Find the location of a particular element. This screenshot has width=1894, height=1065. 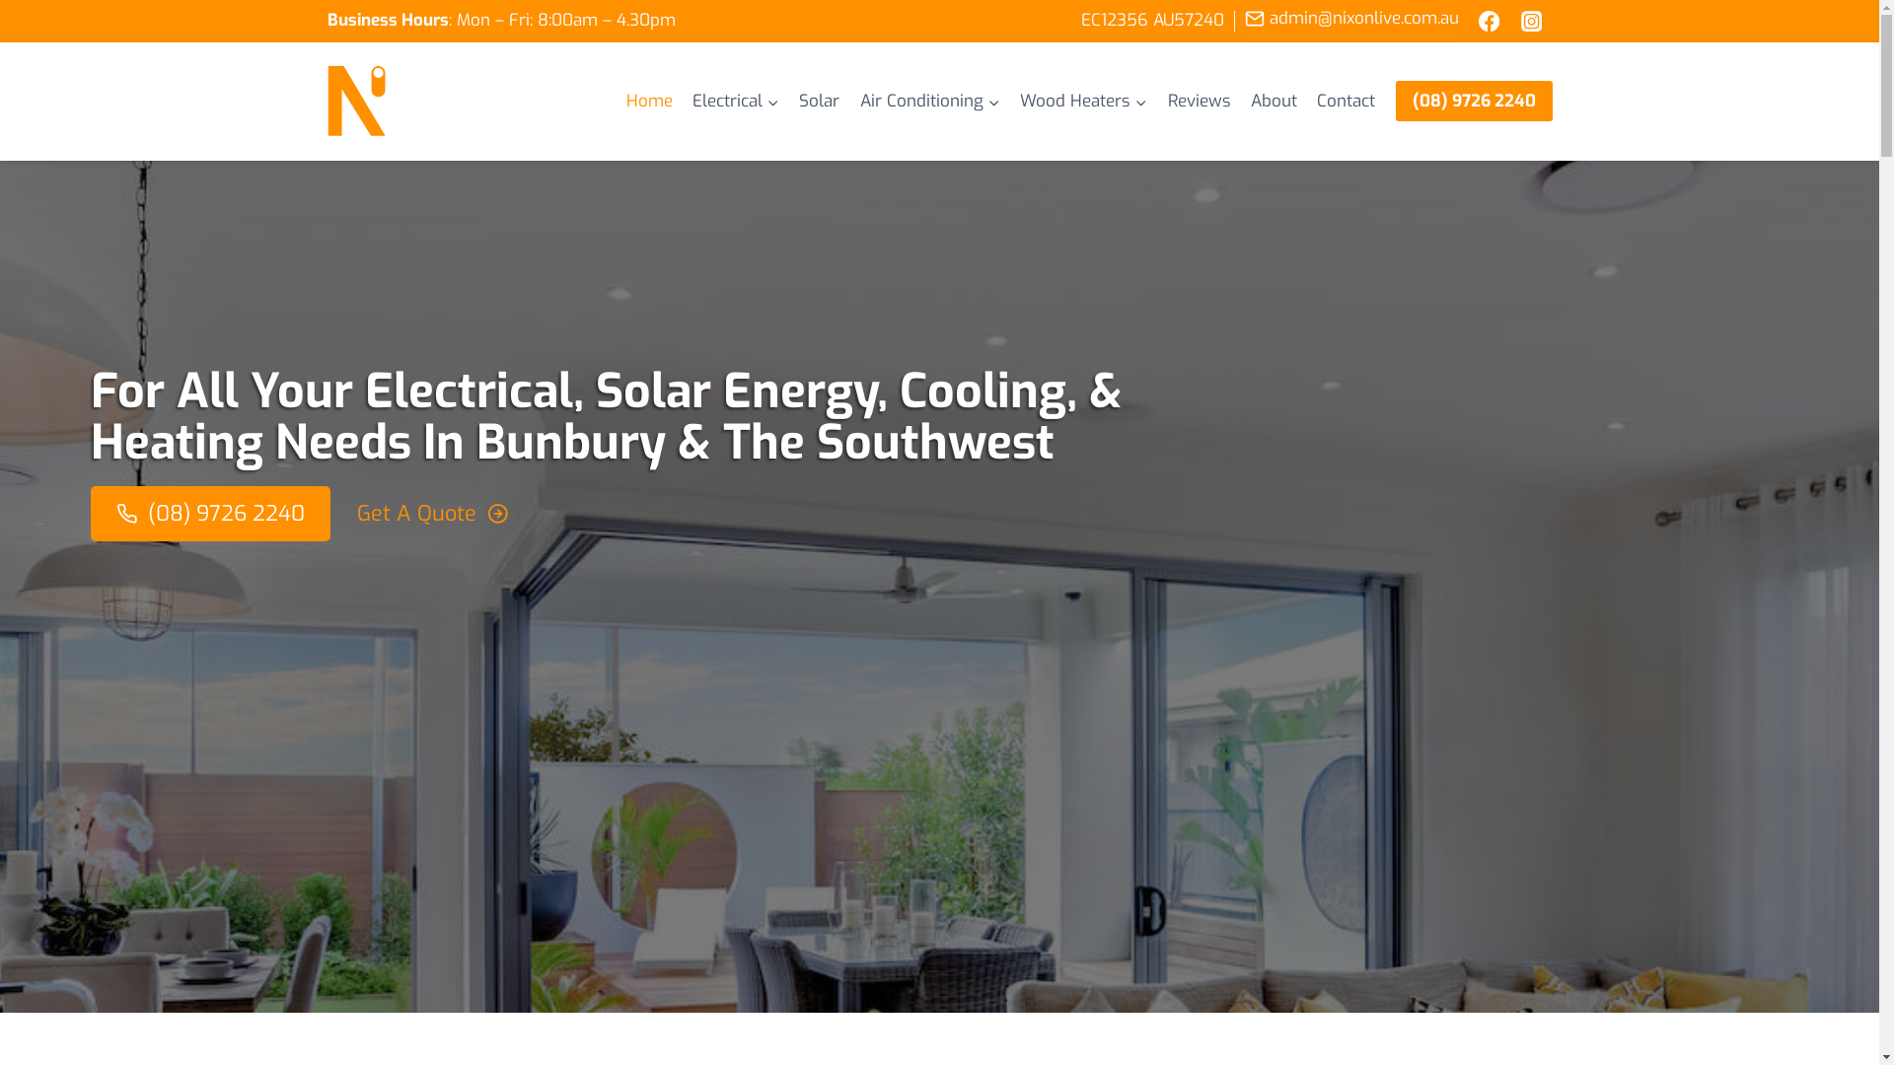

'Wood Heaters' is located at coordinates (1082, 100).